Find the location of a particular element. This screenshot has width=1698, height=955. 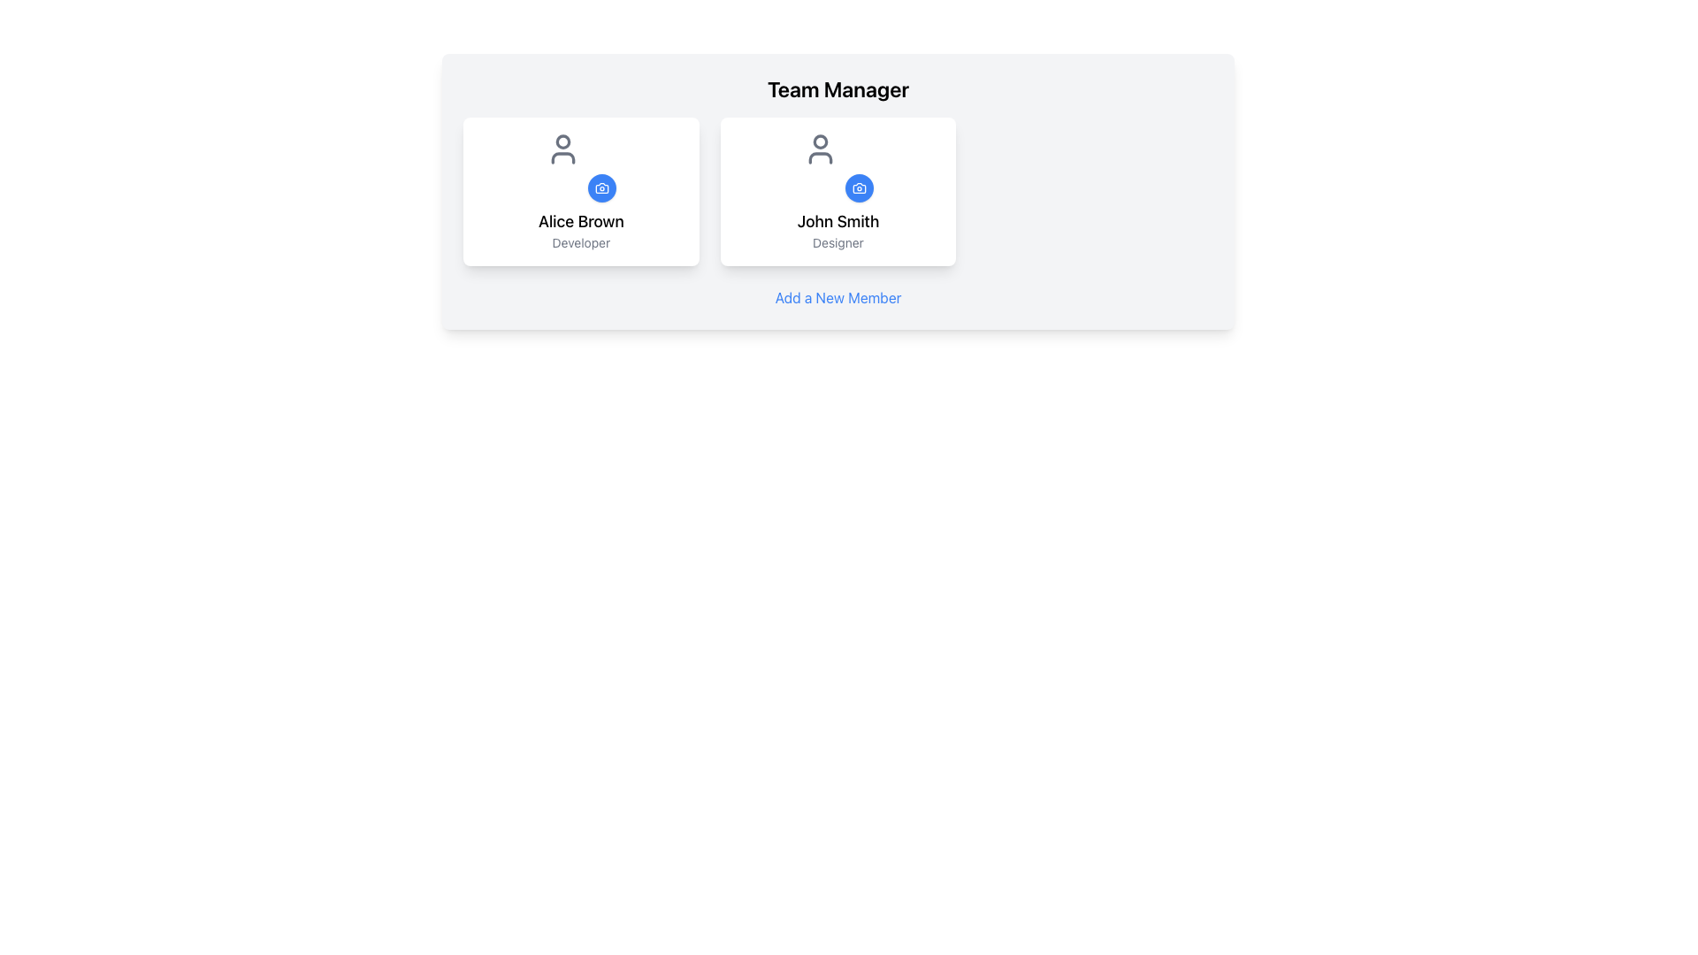

the text label displaying 'Designer' located directly below the name 'John Smith' in the user information card is located at coordinates (837, 242).